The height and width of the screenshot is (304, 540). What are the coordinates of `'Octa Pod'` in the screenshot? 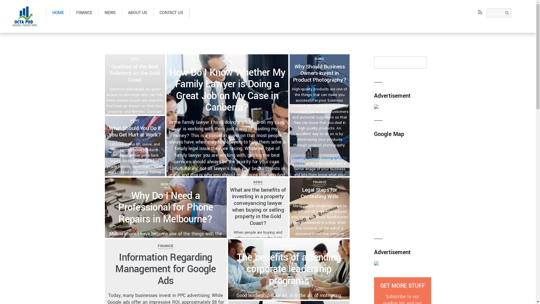 It's located at (24, 23).